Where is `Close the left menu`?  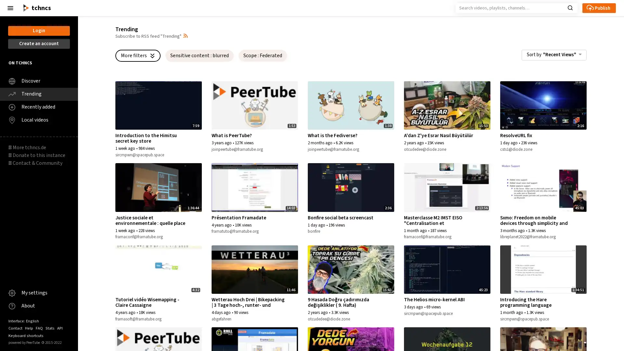 Close the left menu is located at coordinates (10, 8).